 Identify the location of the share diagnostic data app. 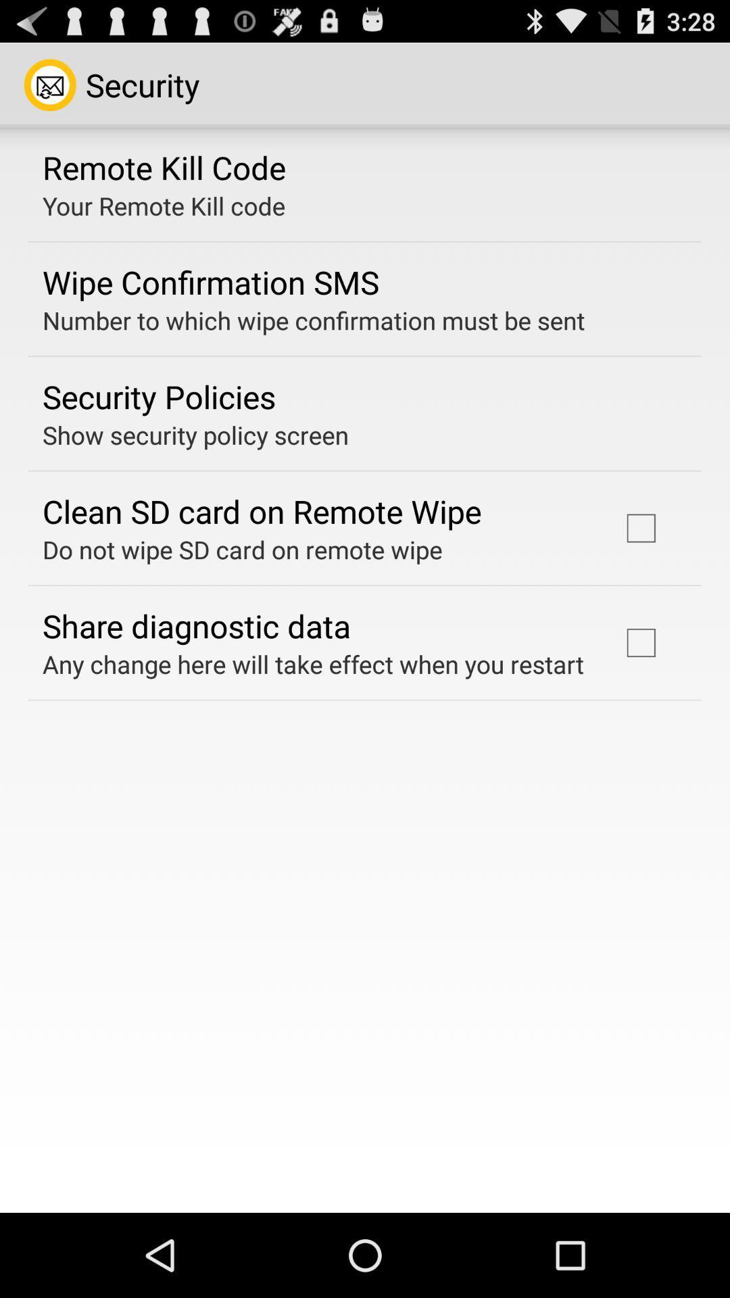
(196, 625).